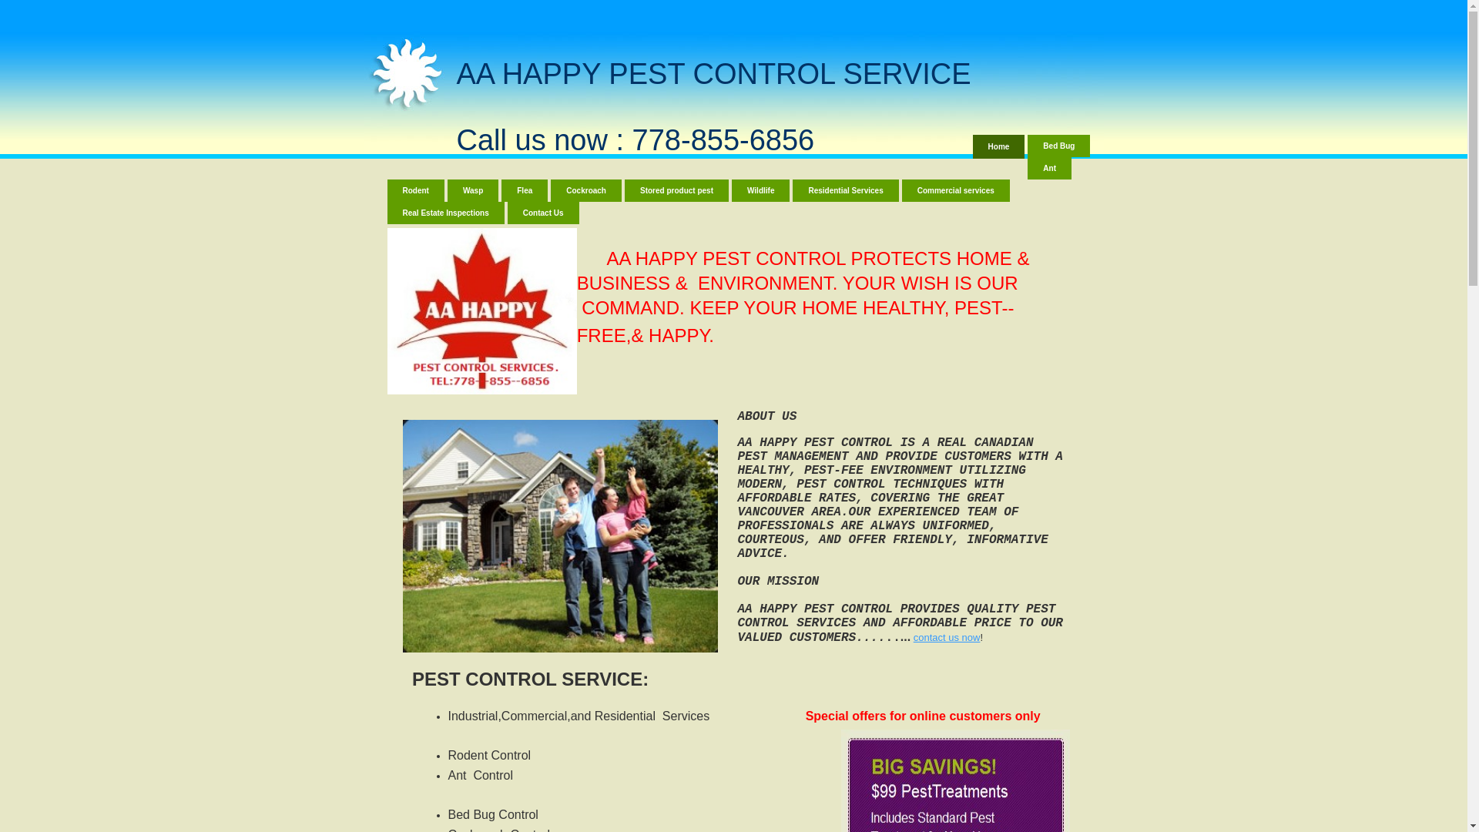 This screenshot has width=1479, height=832. What do you see at coordinates (998, 146) in the screenshot?
I see `'Home'` at bounding box center [998, 146].